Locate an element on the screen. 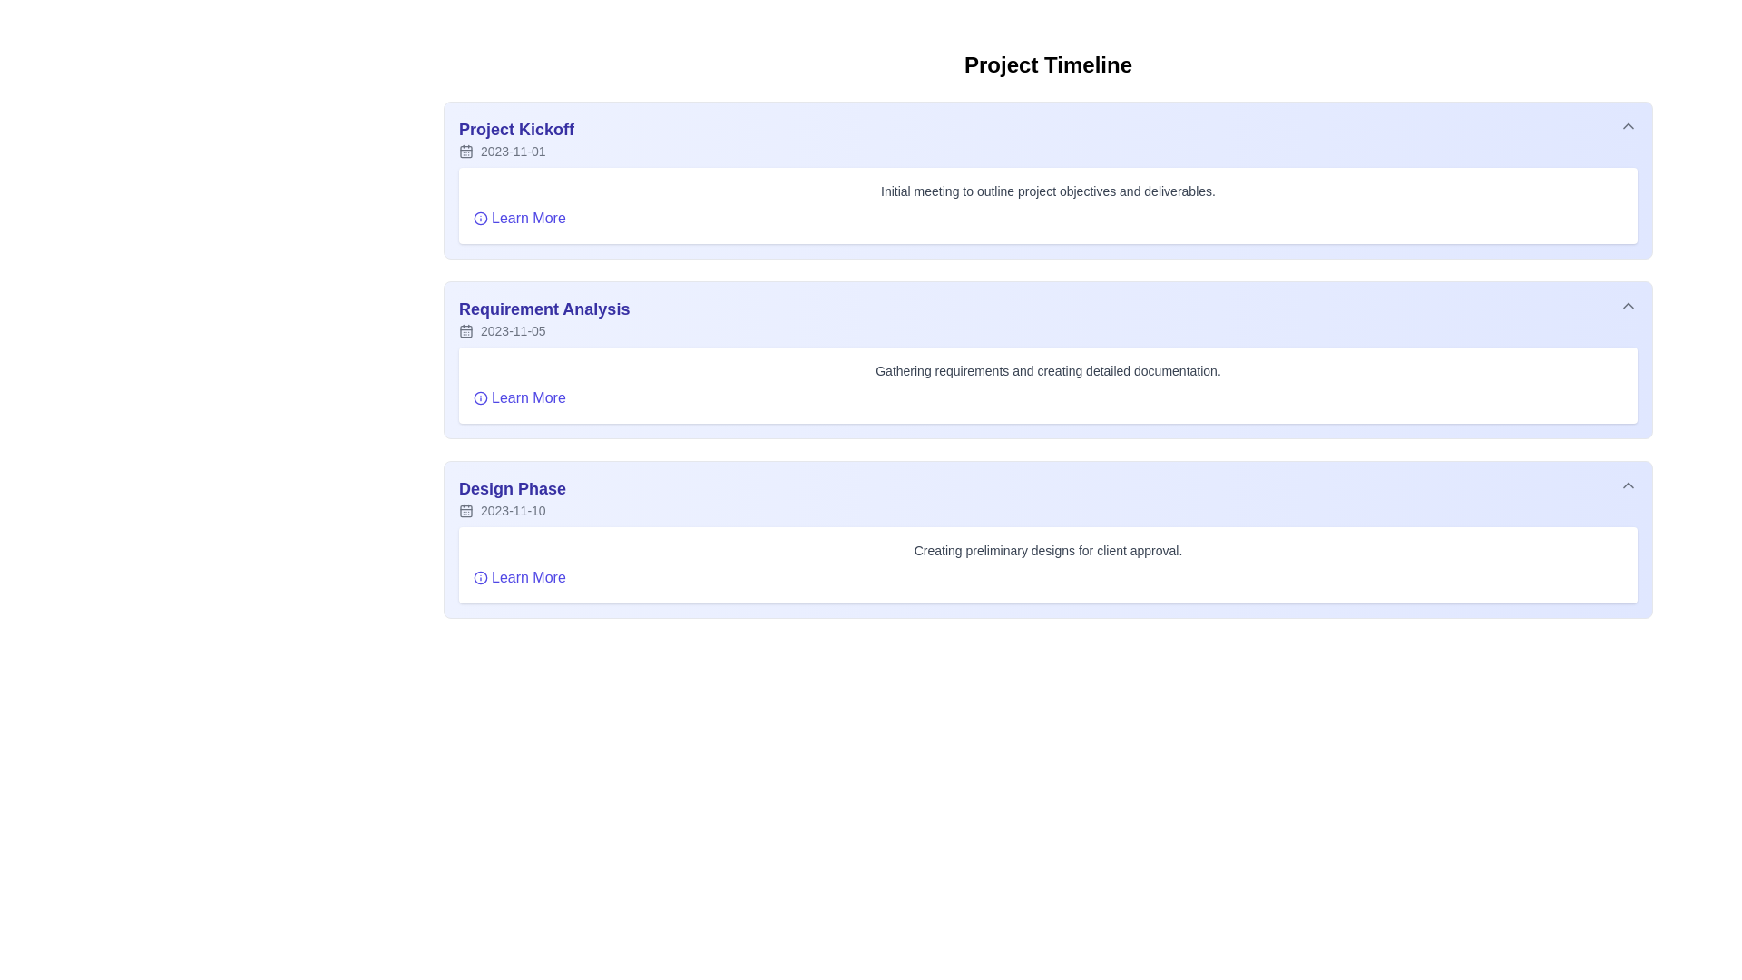 Image resolution: width=1742 pixels, height=980 pixels. information displayed in the Informational Text Box that says 'Creating preliminary designs for client approval.' is located at coordinates (1048, 564).